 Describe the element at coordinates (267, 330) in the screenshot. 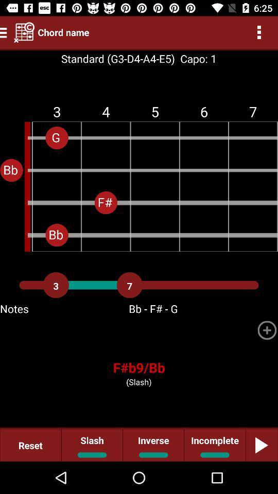

I see `the item below bb - f# - g` at that location.